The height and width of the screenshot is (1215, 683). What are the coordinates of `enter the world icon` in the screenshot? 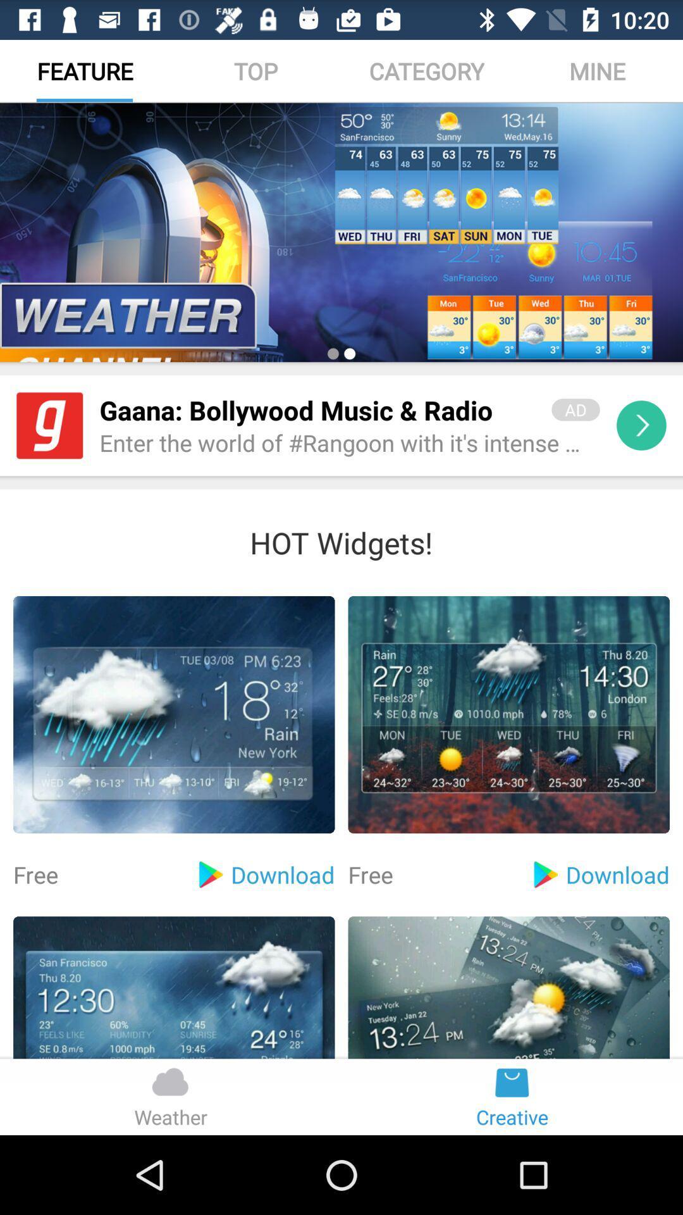 It's located at (350, 444).